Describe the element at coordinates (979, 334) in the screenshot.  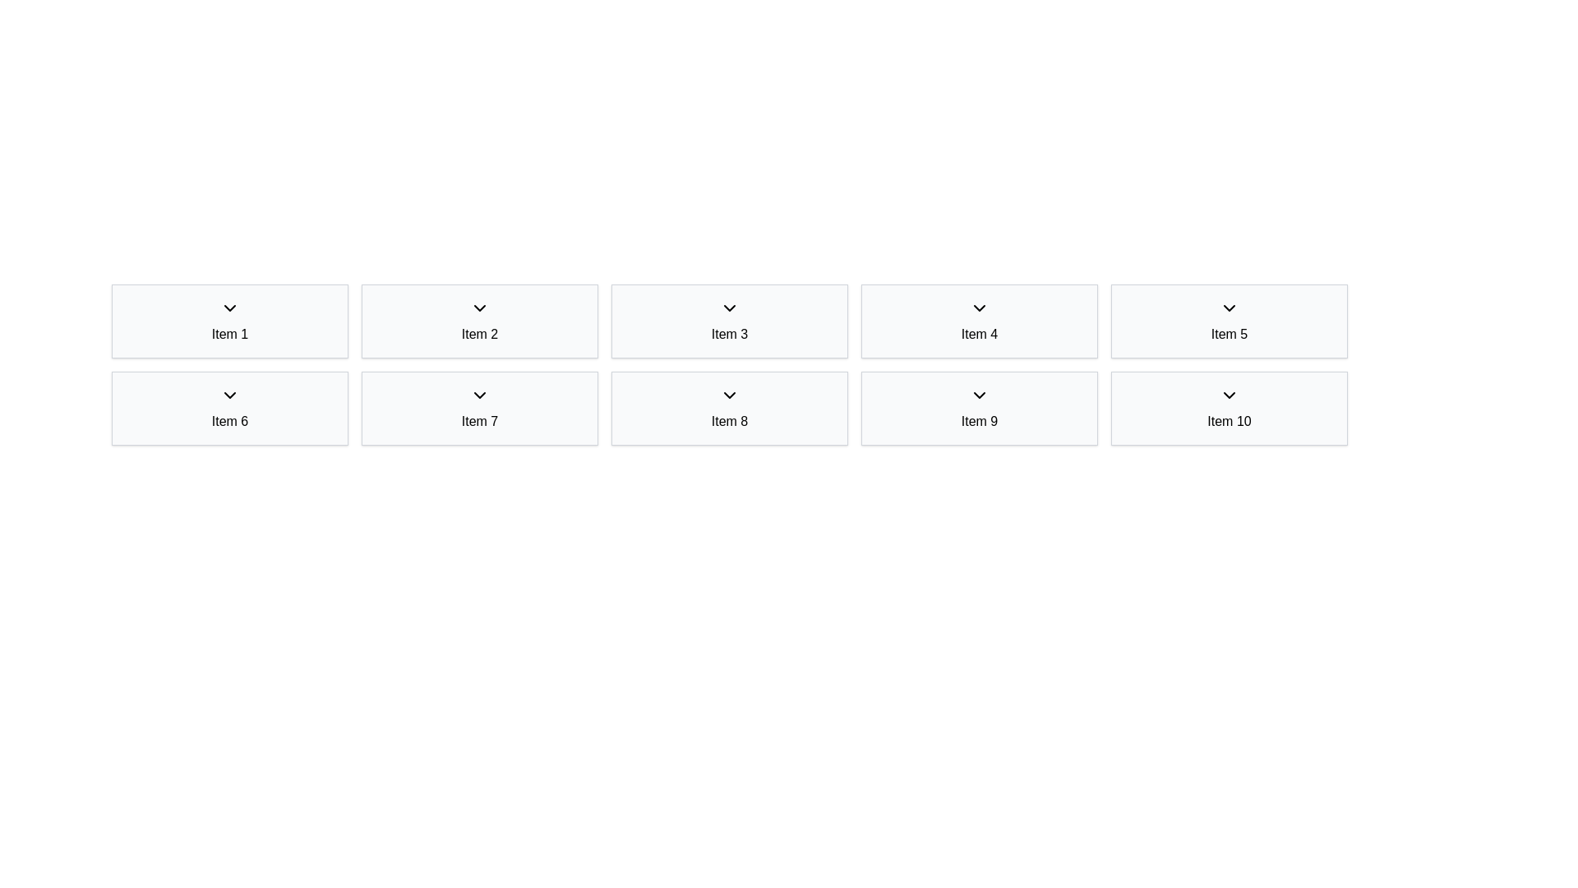
I see `the static text label that displays 'Item 4', which is styled with a medium font weight and is positioned in a light gray rectangular box in the first row, fourth position from the left` at that location.